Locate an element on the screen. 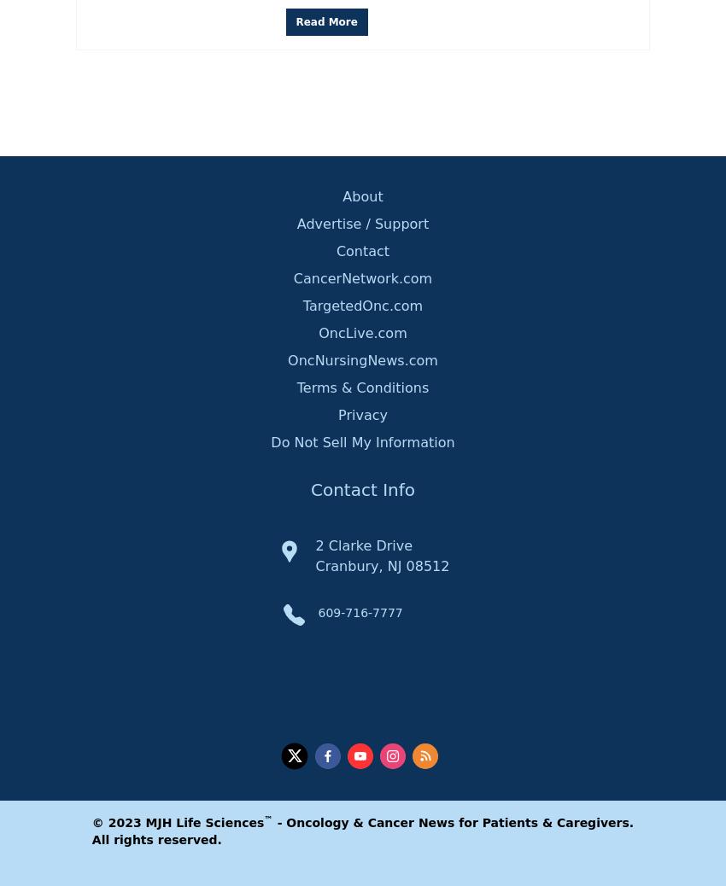  'About' is located at coordinates (343, 195).